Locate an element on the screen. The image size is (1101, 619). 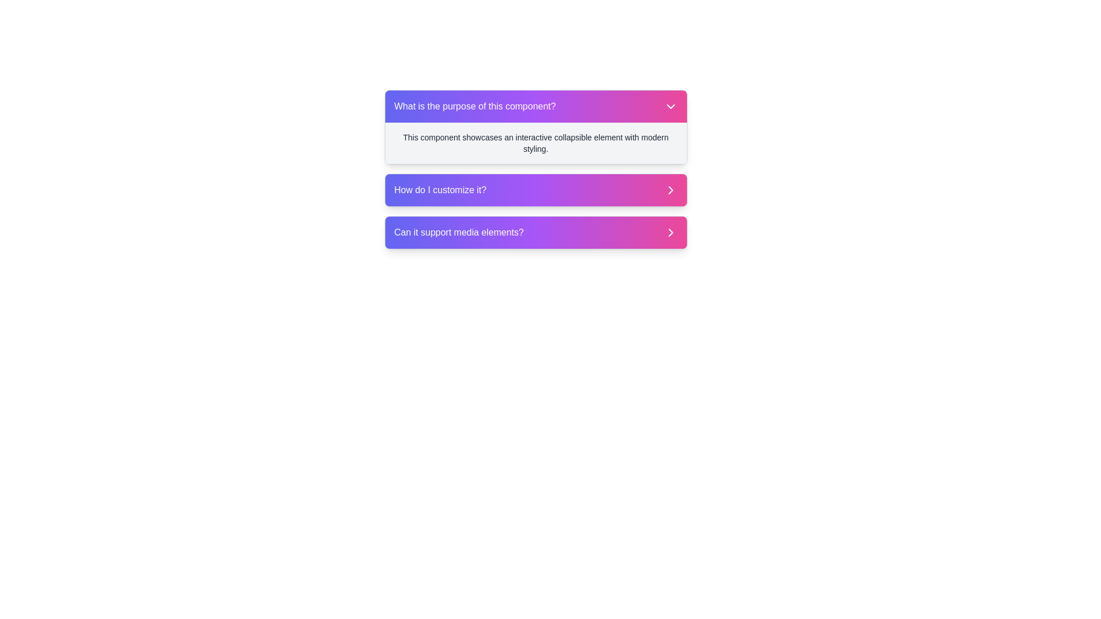
the text label stating 'How do I customize it?' within the interactive card-like structure to select the text content is located at coordinates (440, 189).